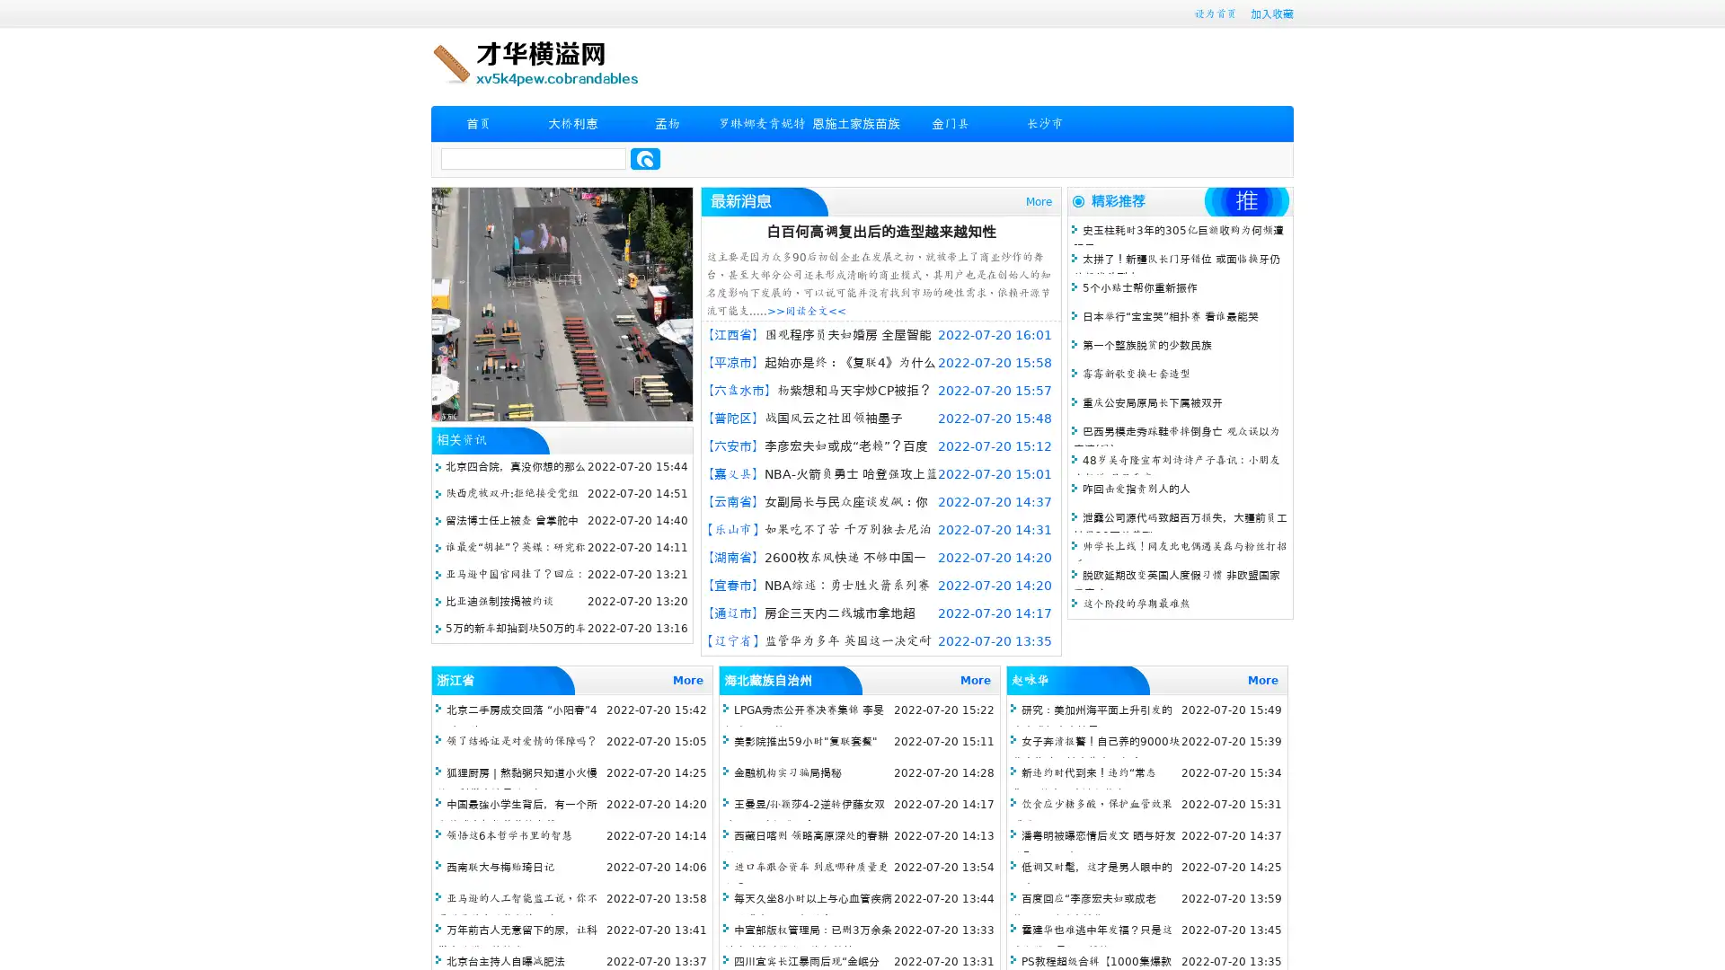 This screenshot has width=1725, height=970. What do you see at coordinates (645, 158) in the screenshot?
I see `Search` at bounding box center [645, 158].